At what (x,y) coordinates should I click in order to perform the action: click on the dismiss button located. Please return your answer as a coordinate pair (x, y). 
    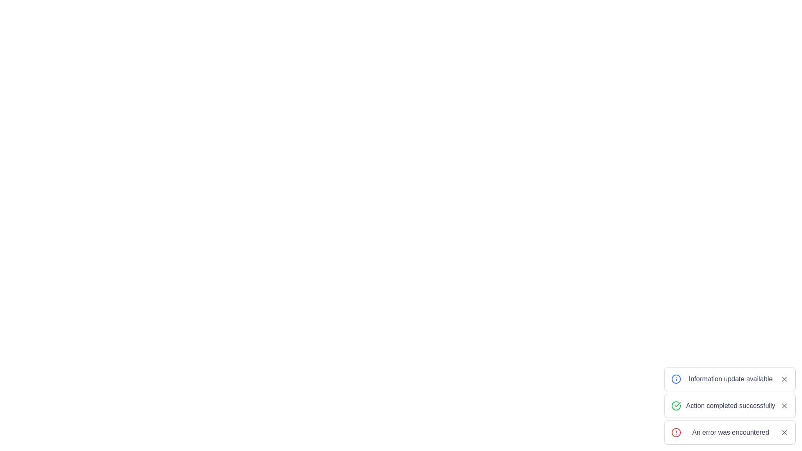
    Looking at the image, I should click on (784, 405).